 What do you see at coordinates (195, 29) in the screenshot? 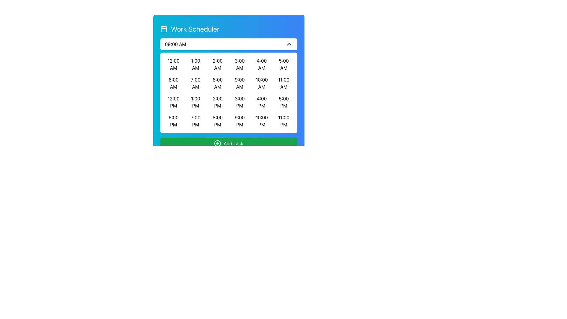
I see `the text label 'Work Scheduler'` at bounding box center [195, 29].